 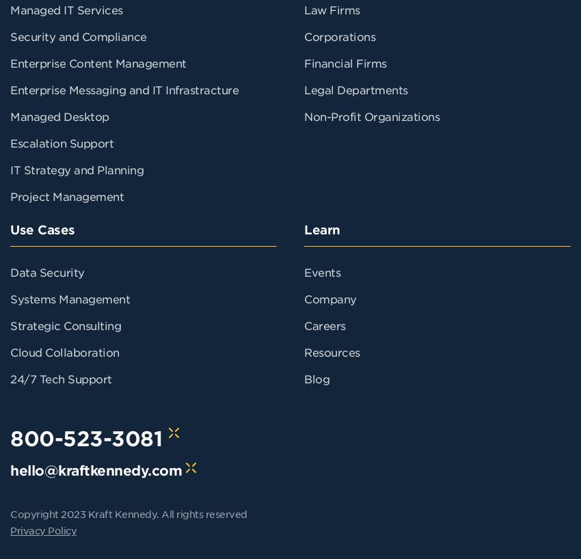 What do you see at coordinates (85, 437) in the screenshot?
I see `'800-523-3081'` at bounding box center [85, 437].